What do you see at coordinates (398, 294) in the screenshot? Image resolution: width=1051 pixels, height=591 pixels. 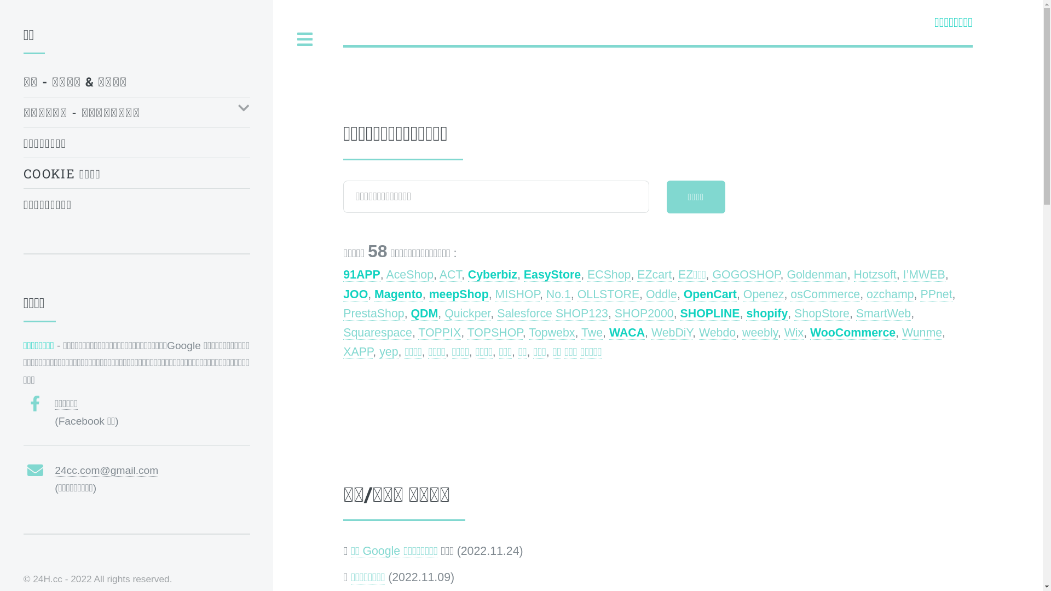 I see `'Magento'` at bounding box center [398, 294].